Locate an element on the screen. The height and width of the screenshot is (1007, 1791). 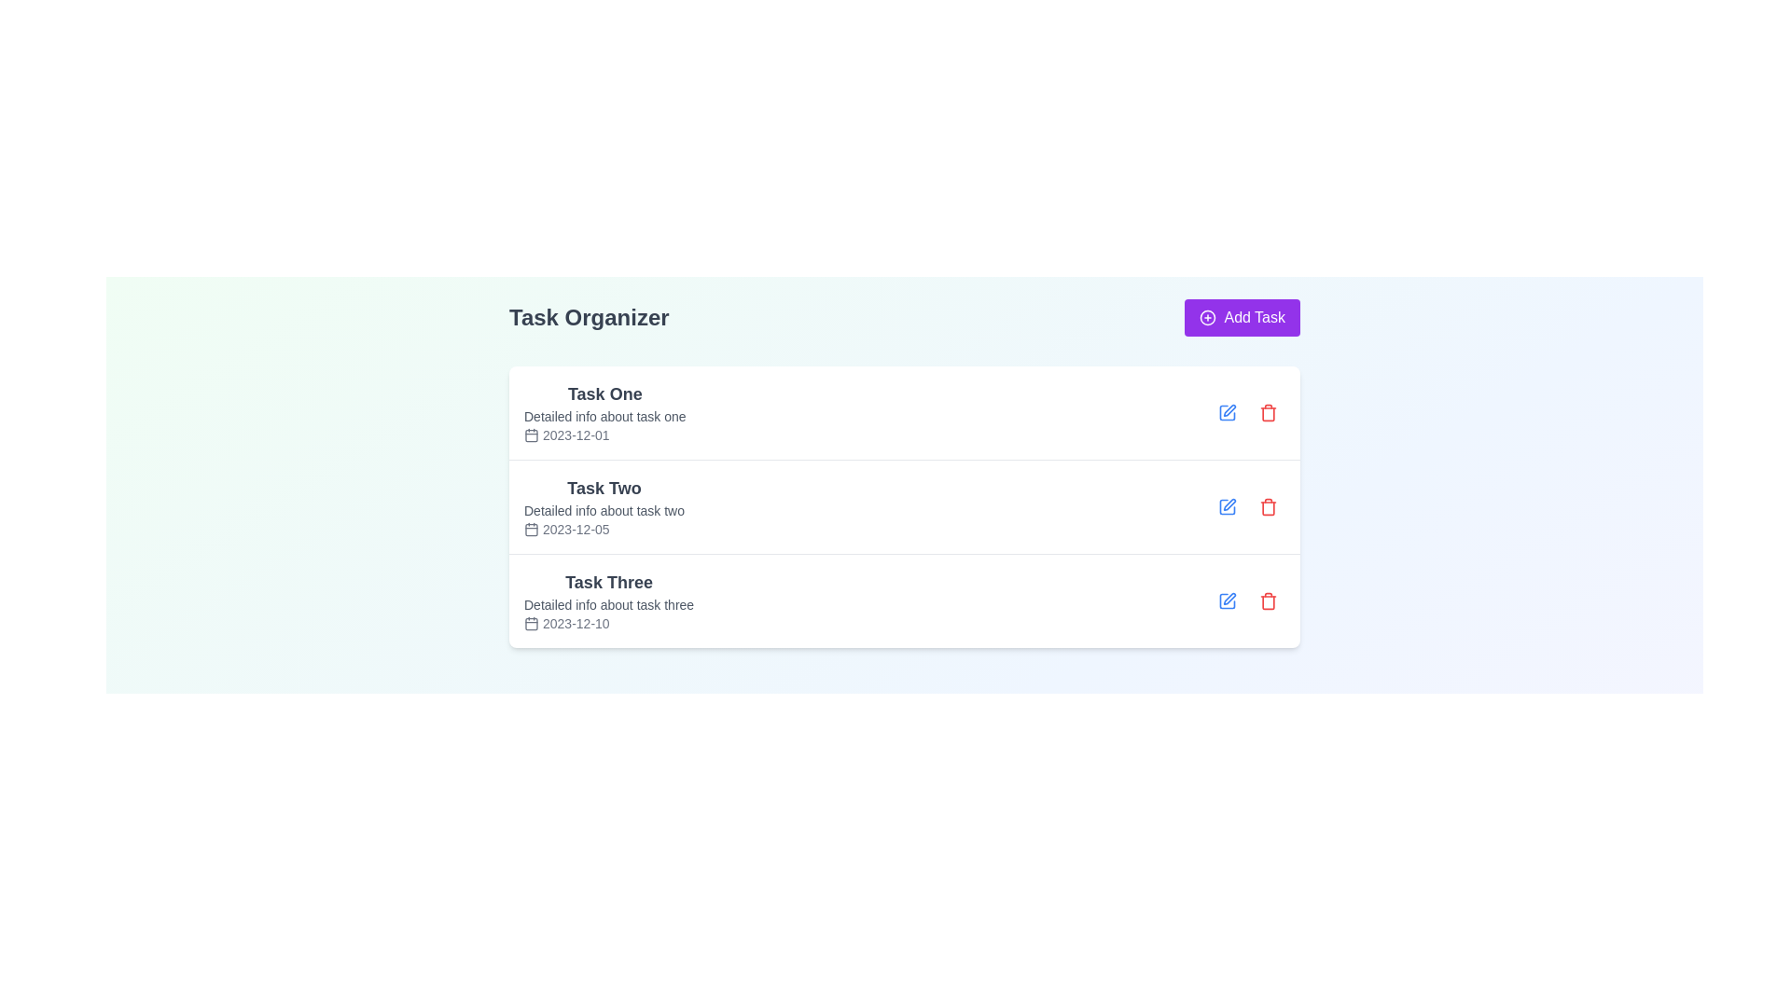
the visual separator element that organizes the edit and delete icons for 'Task One' in the task list is located at coordinates (1248, 412).